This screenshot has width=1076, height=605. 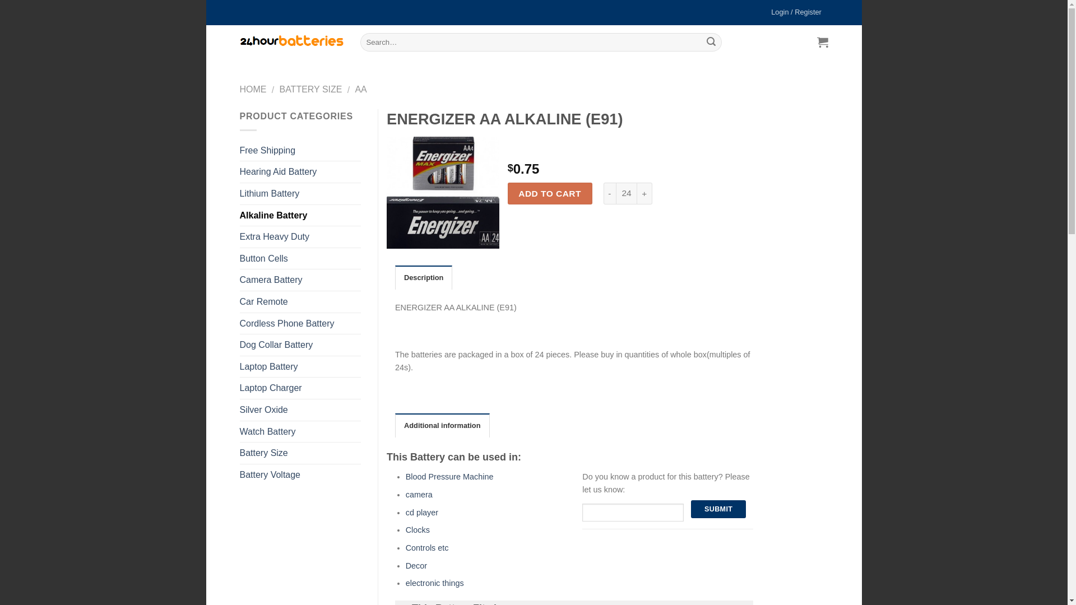 What do you see at coordinates (300, 216) in the screenshot?
I see `'Alkaline Battery'` at bounding box center [300, 216].